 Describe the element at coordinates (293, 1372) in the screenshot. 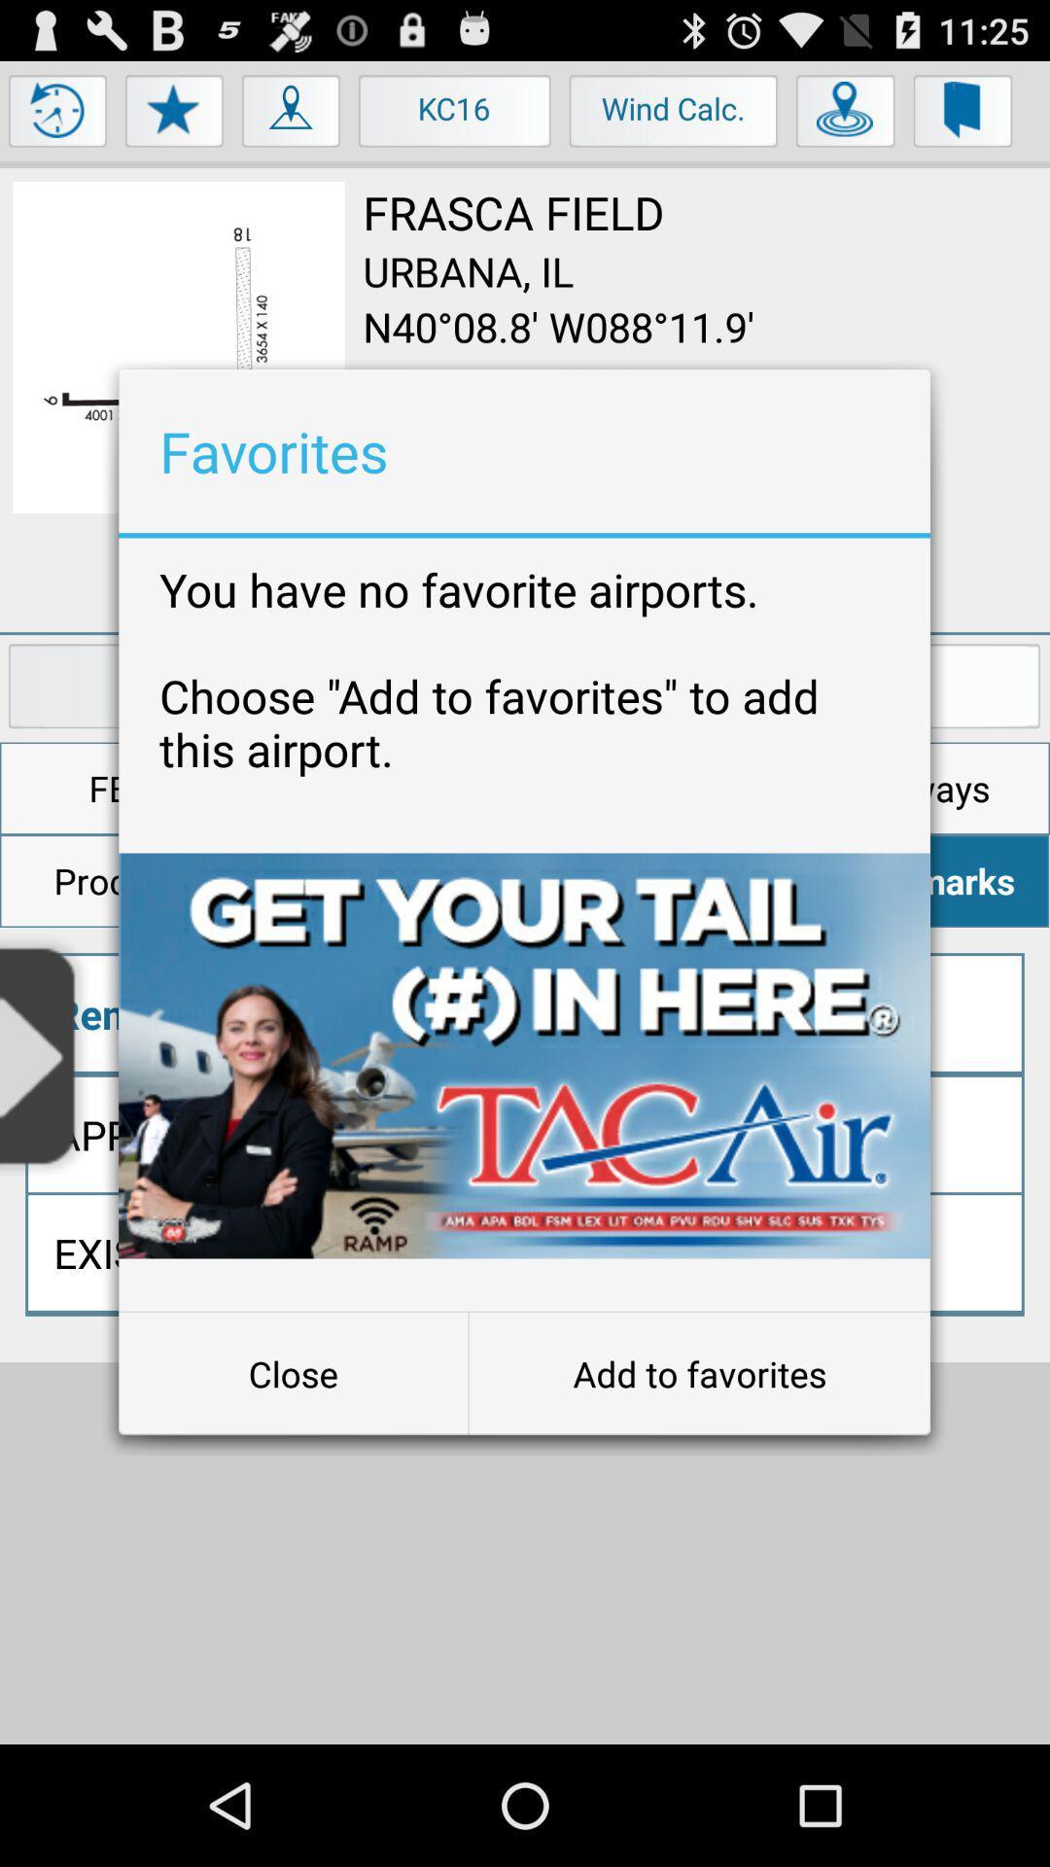

I see `the button at the bottom left corner` at that location.